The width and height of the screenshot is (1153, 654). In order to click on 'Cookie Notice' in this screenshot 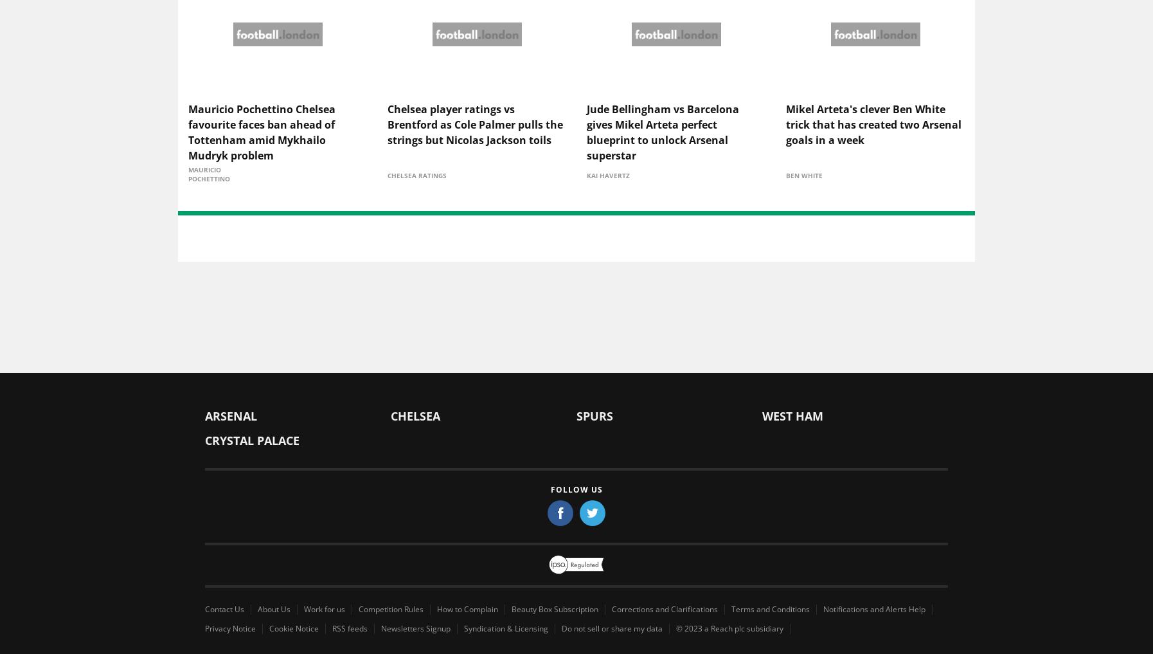, I will do `click(294, 630)`.